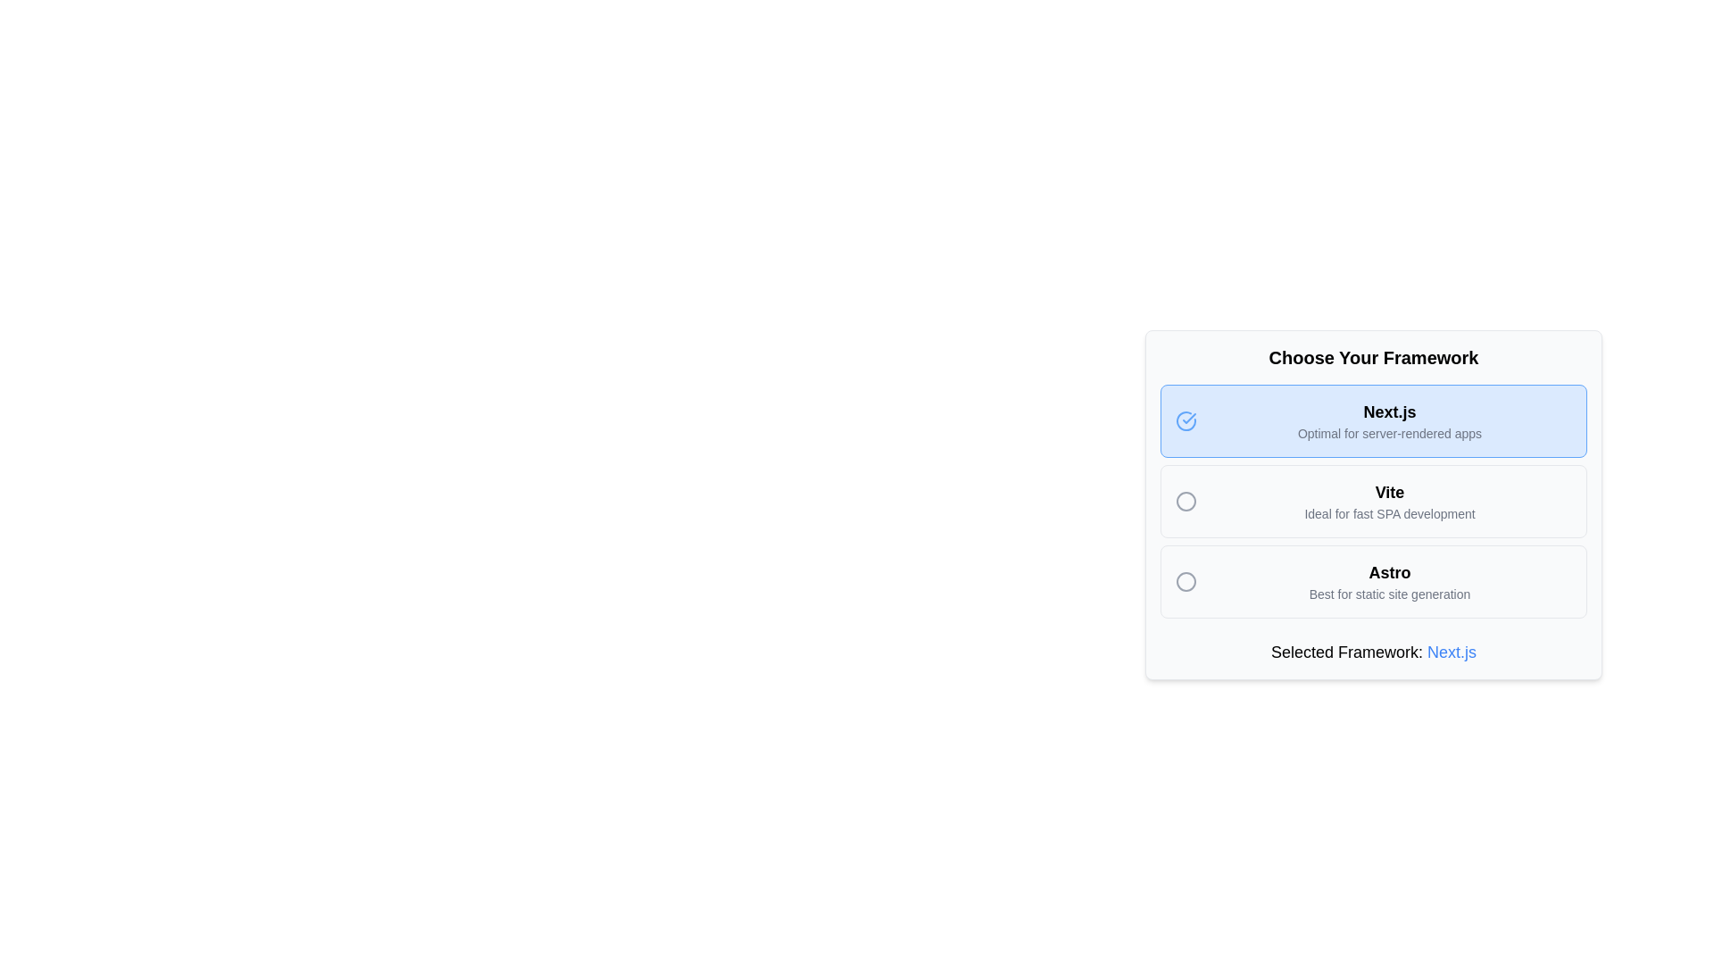 The width and height of the screenshot is (1714, 964). What do you see at coordinates (1191, 420) in the screenshot?
I see `the active icon indicating the selected state for the 'Next.js' option in the framework selection interface, located to the left of the text 'Next.js' and 'Optimal for server-rendered apps'` at bounding box center [1191, 420].